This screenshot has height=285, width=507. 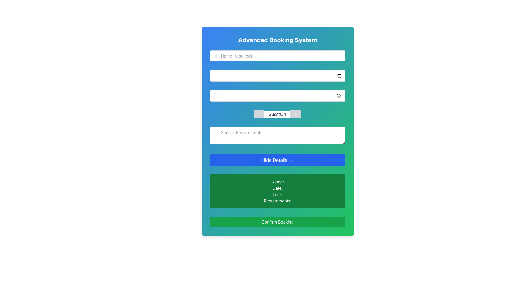 What do you see at coordinates (277, 188) in the screenshot?
I see `the second text label in the vertical sequence of labels, located between the blue 'Hide Details' button and the green 'Confirm Booking' button` at bounding box center [277, 188].